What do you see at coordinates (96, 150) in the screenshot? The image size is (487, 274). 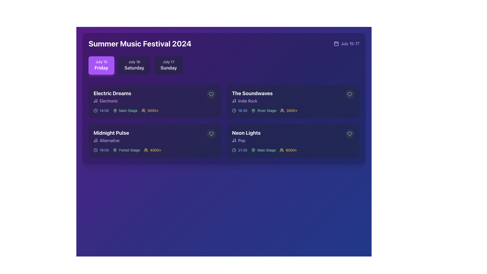 I see `the outer circle of the clock graphic in the event card for 'Midnight Pulse'` at bounding box center [96, 150].